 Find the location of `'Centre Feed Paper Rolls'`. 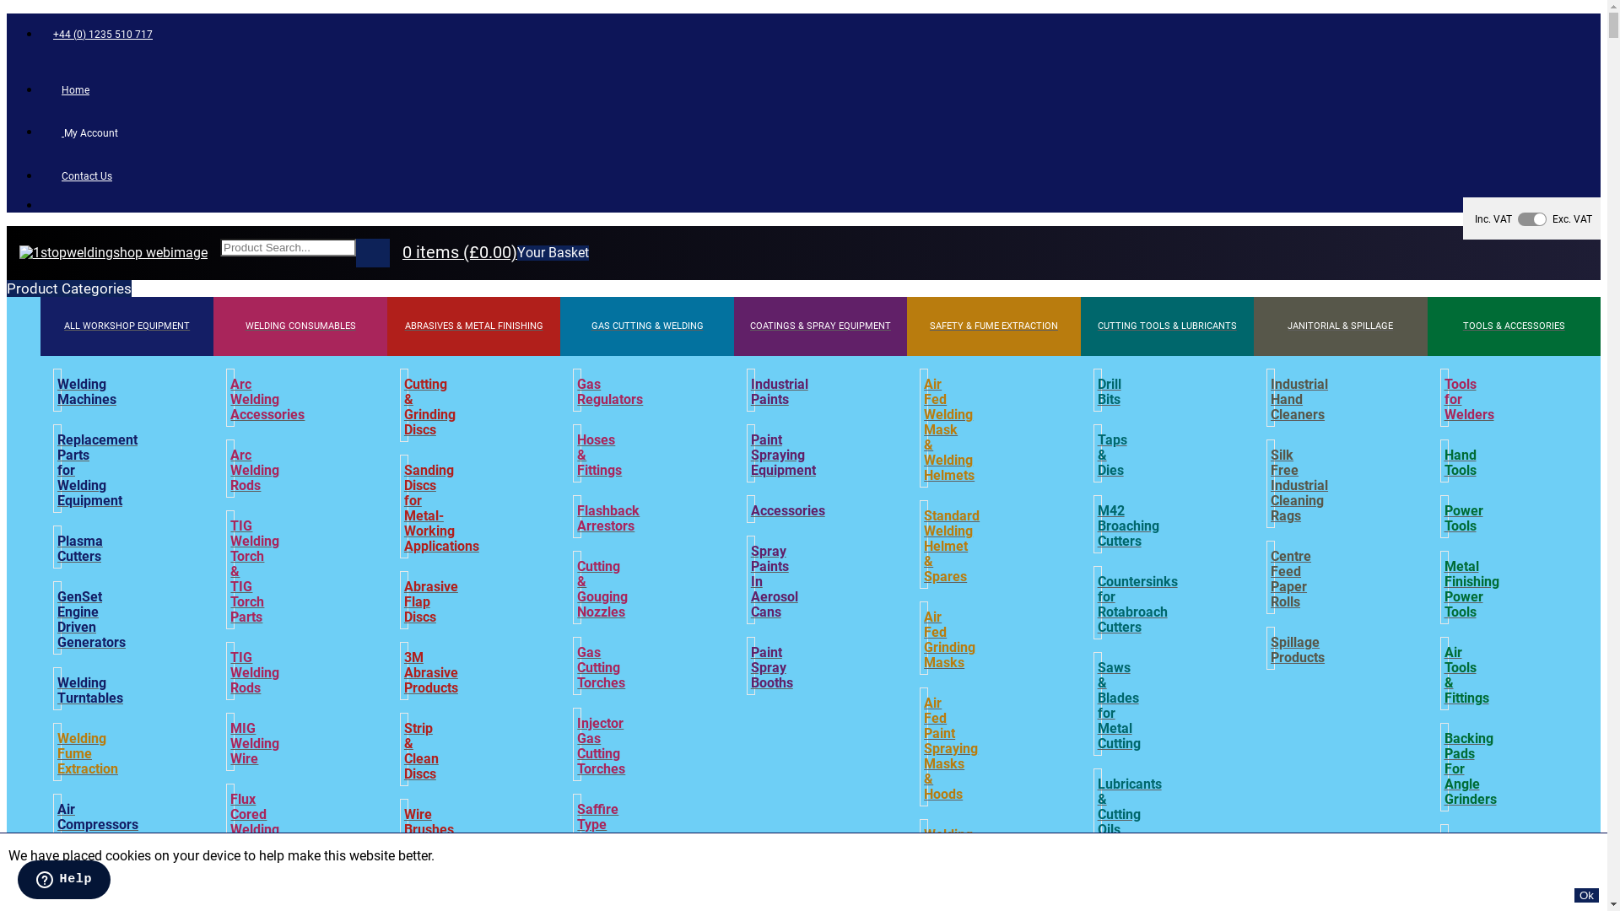

'Centre Feed Paper Rolls' is located at coordinates (1290, 578).